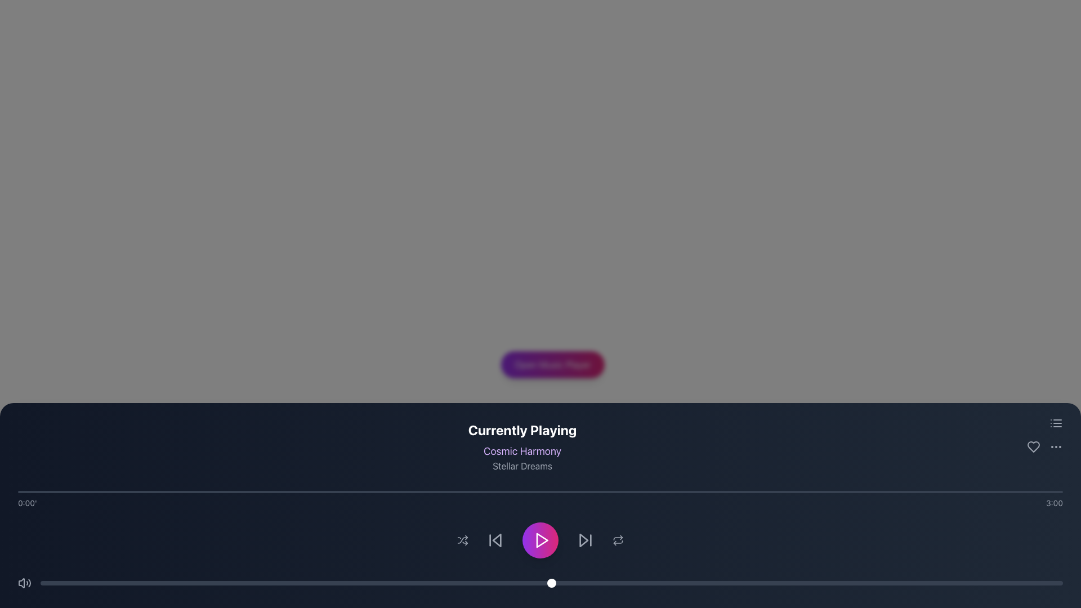 The height and width of the screenshot is (608, 1081). What do you see at coordinates (618, 540) in the screenshot?
I see `the circular gray button with a looping arrow icon located in the bottom control bar, fifth from the left` at bounding box center [618, 540].